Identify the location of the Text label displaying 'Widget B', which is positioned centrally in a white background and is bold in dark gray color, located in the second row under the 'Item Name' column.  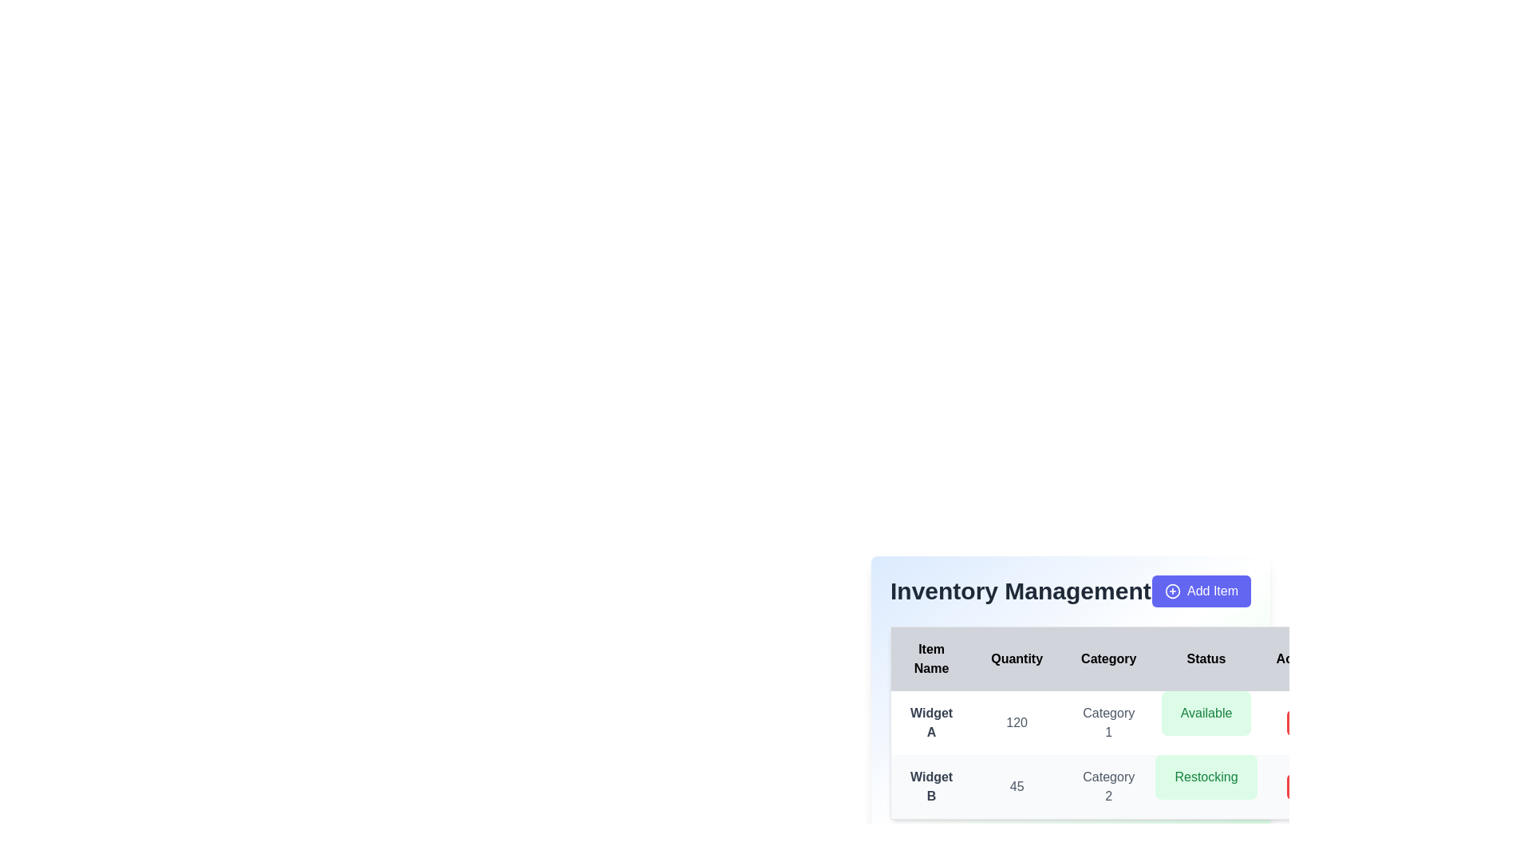
(931, 786).